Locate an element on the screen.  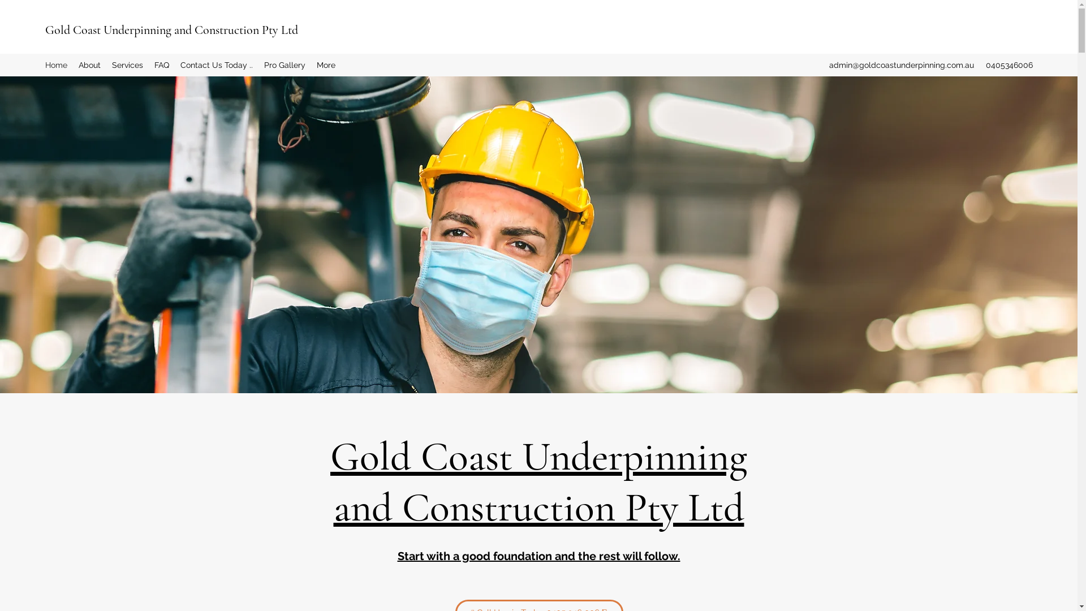
'Gold Coast Underpinning and Construction Pty Ltd' is located at coordinates (538, 482).